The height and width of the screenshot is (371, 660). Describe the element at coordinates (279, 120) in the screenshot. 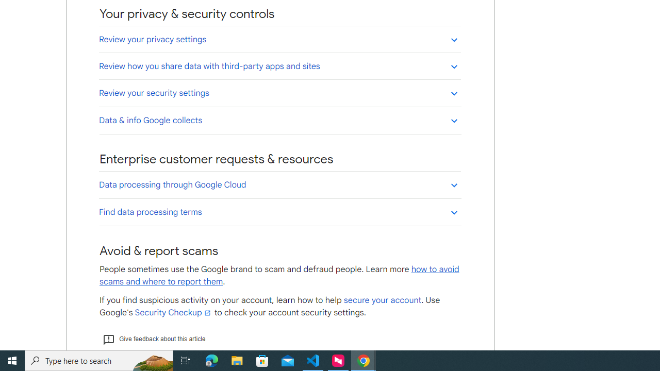

I see `'Data & info Google collects'` at that location.